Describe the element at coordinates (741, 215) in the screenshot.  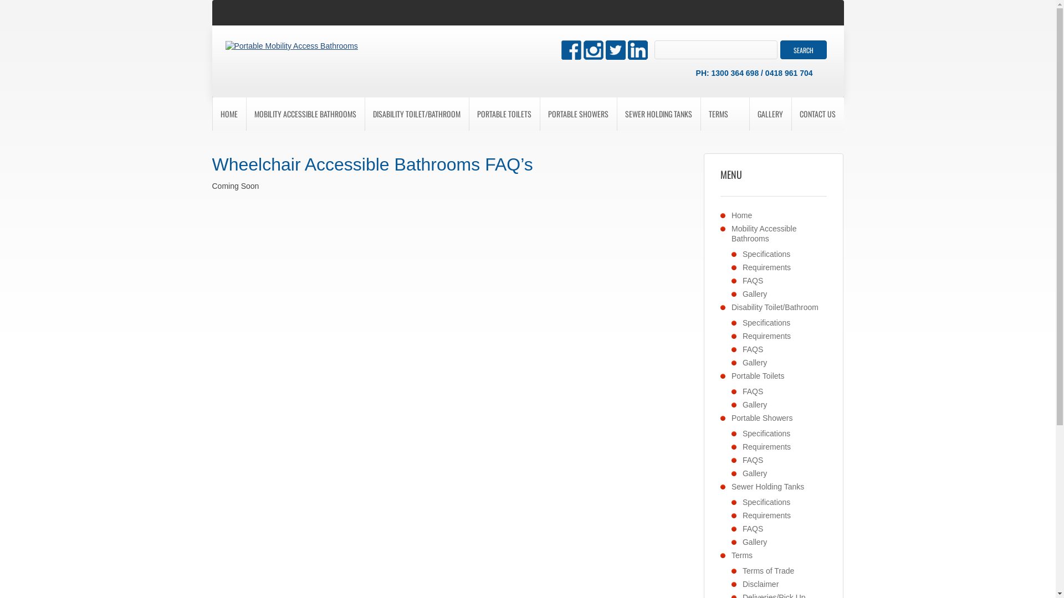
I see `'Home'` at that location.